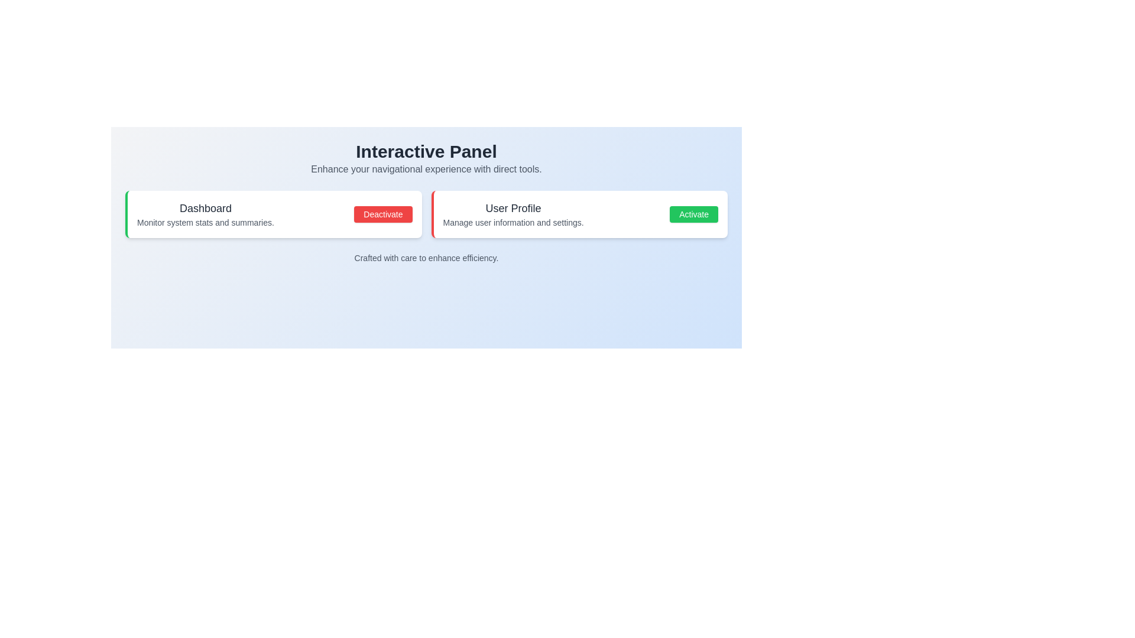 This screenshot has width=1135, height=638. Describe the element at coordinates (205, 214) in the screenshot. I see `textual description element titled 'Dashboard' which includes a larger, bold title and a smaller subtext for understanding` at that location.